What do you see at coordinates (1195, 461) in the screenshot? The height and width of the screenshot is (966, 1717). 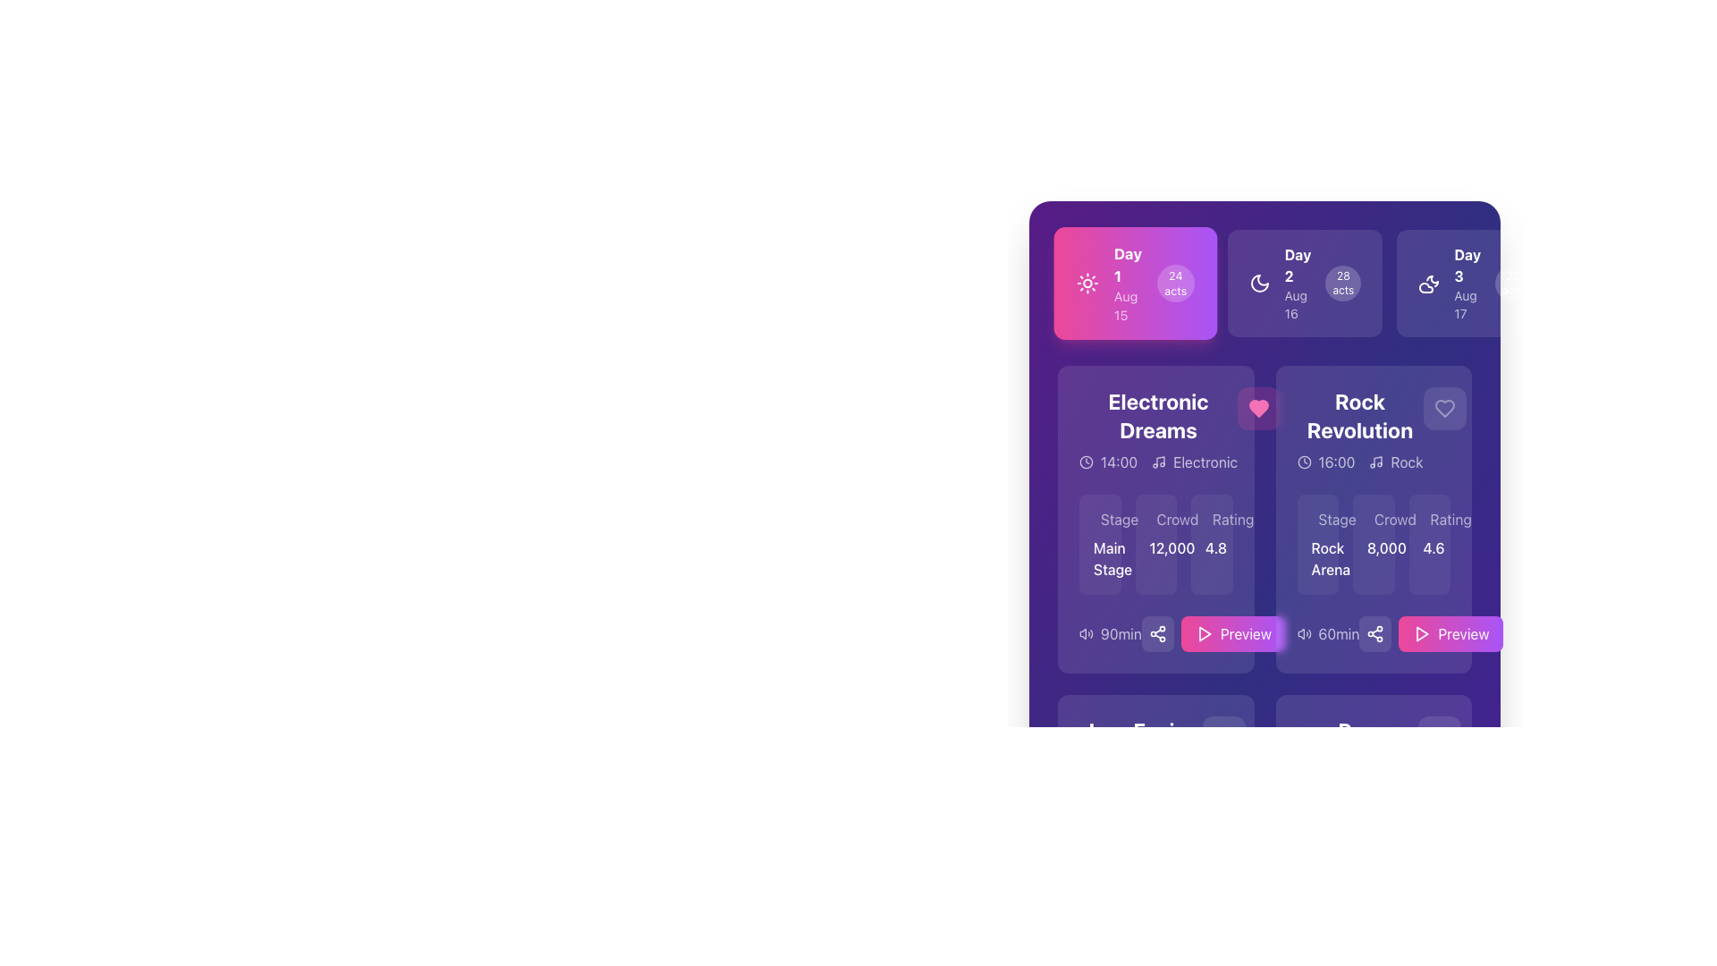 I see `displayed text of the 'Electronic' genre label, which is located next to the musical note icon and to the right of the time label '14:00' in the 'Electronic Dreams' section` at bounding box center [1195, 461].